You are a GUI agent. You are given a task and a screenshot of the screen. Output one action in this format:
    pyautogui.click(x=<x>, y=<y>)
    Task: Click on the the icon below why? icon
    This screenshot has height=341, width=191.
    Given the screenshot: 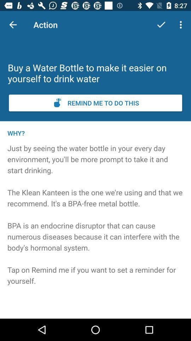 What is the action you would take?
    pyautogui.click(x=95, y=224)
    